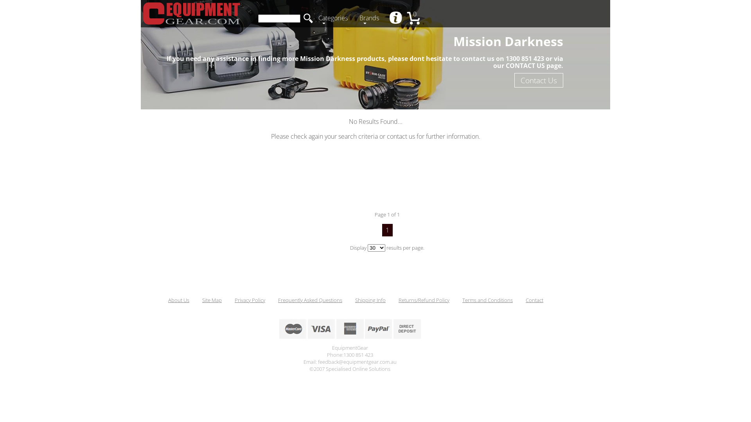 The height and width of the screenshot is (422, 751). Describe the element at coordinates (371, 18) in the screenshot. I see `'Brands'` at that location.